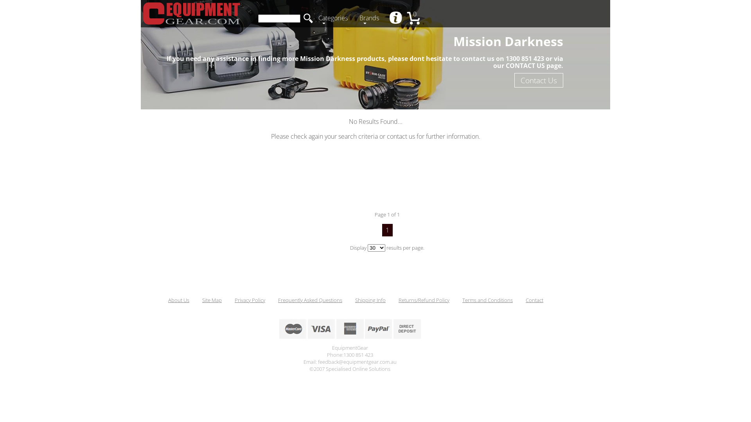 The height and width of the screenshot is (422, 751). Describe the element at coordinates (371, 18) in the screenshot. I see `'Brands'` at that location.